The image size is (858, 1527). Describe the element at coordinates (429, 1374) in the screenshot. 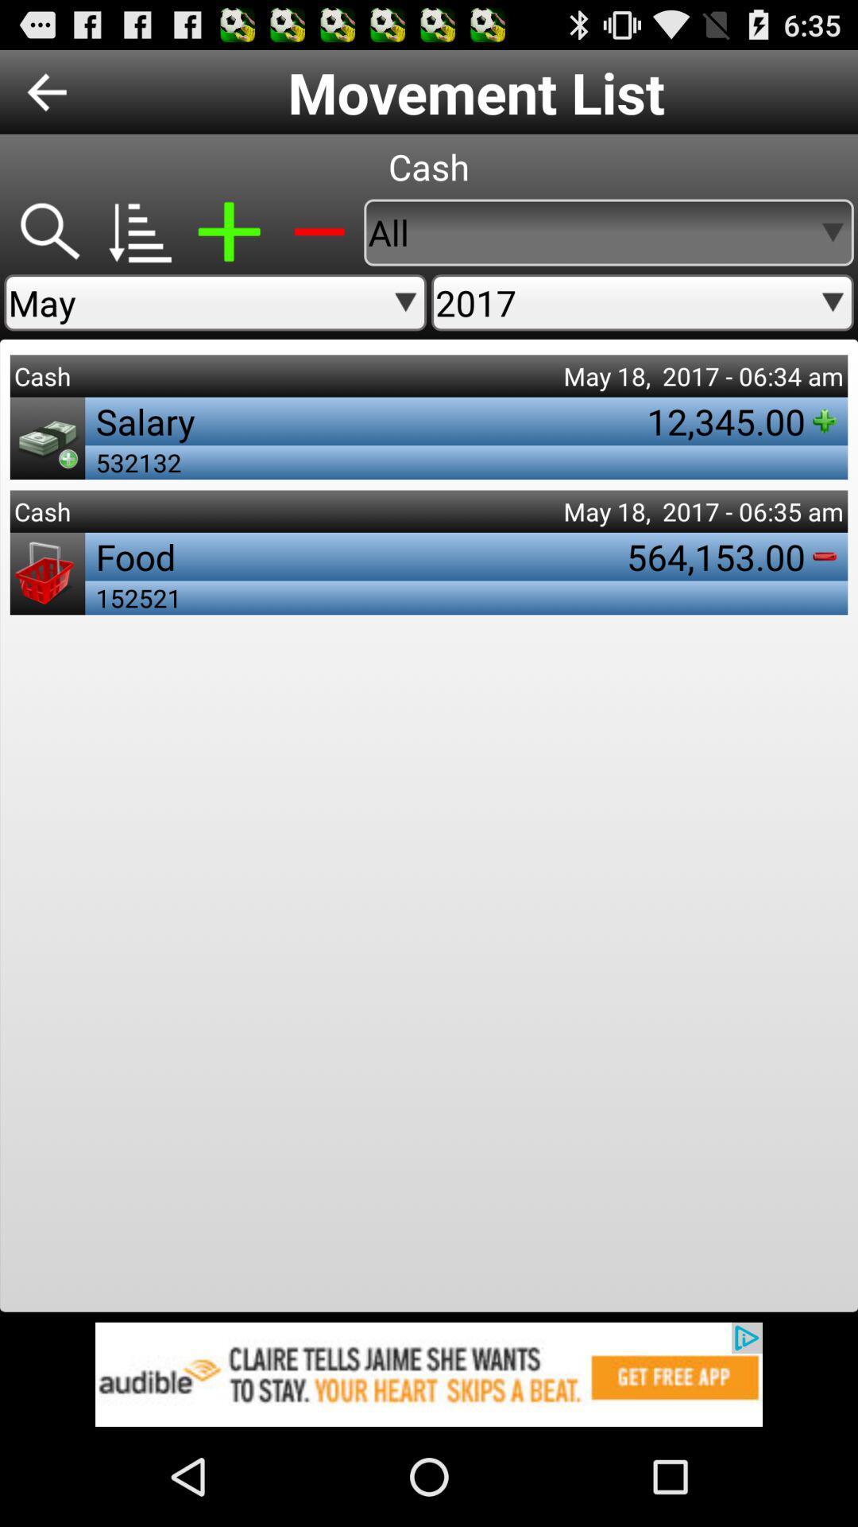

I see `shows an advertisement` at that location.